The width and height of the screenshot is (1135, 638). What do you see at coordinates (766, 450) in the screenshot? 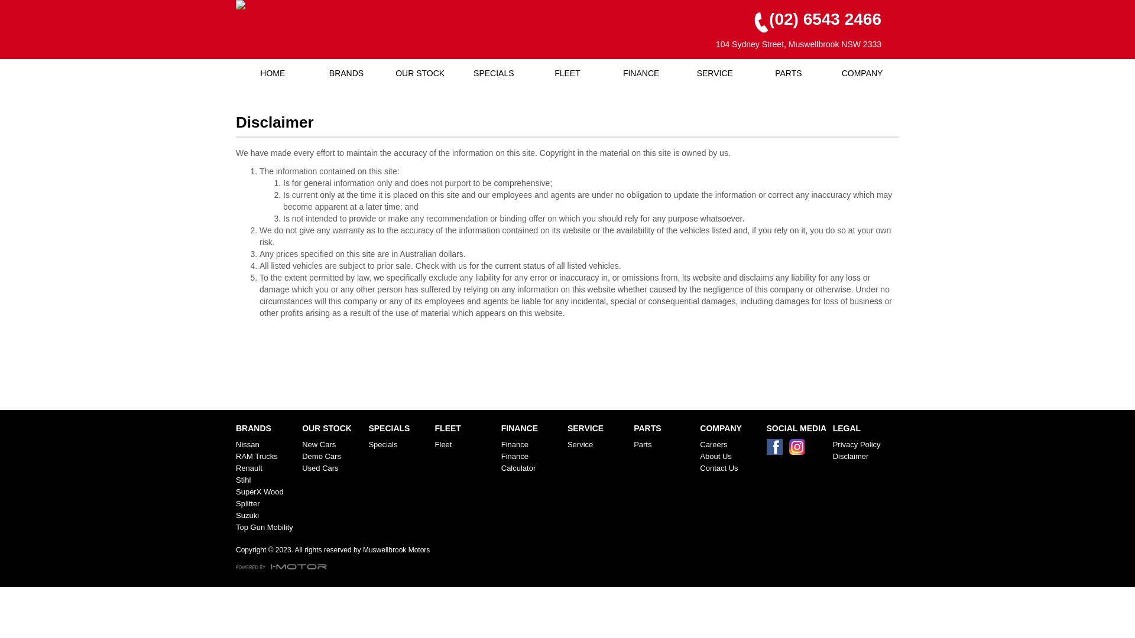
I see `'facebook'` at bounding box center [766, 450].